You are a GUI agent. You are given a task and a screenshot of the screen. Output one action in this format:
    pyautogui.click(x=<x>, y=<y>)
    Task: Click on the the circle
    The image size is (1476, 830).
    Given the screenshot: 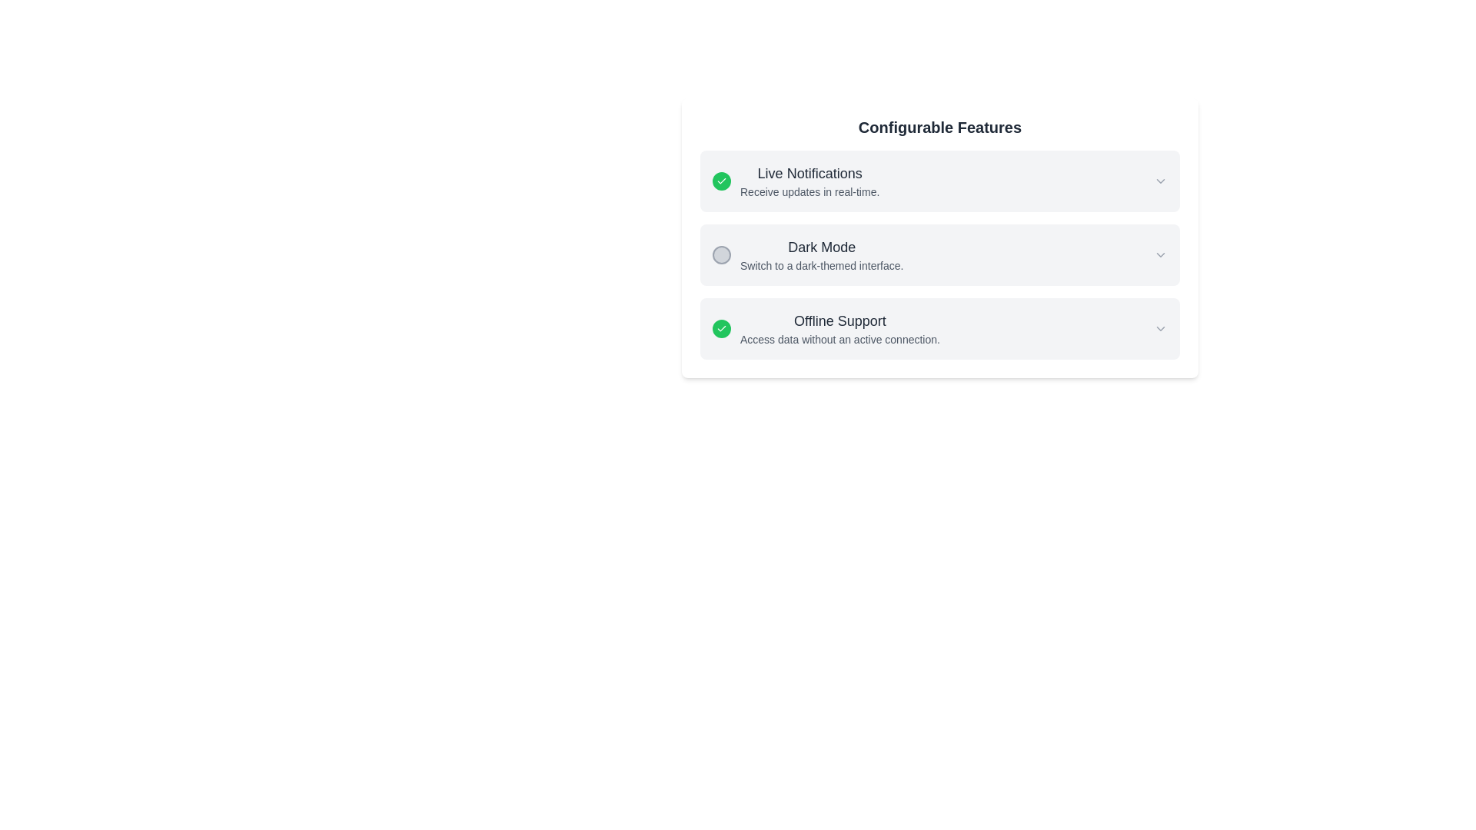 What is the action you would take?
    pyautogui.click(x=939, y=237)
    